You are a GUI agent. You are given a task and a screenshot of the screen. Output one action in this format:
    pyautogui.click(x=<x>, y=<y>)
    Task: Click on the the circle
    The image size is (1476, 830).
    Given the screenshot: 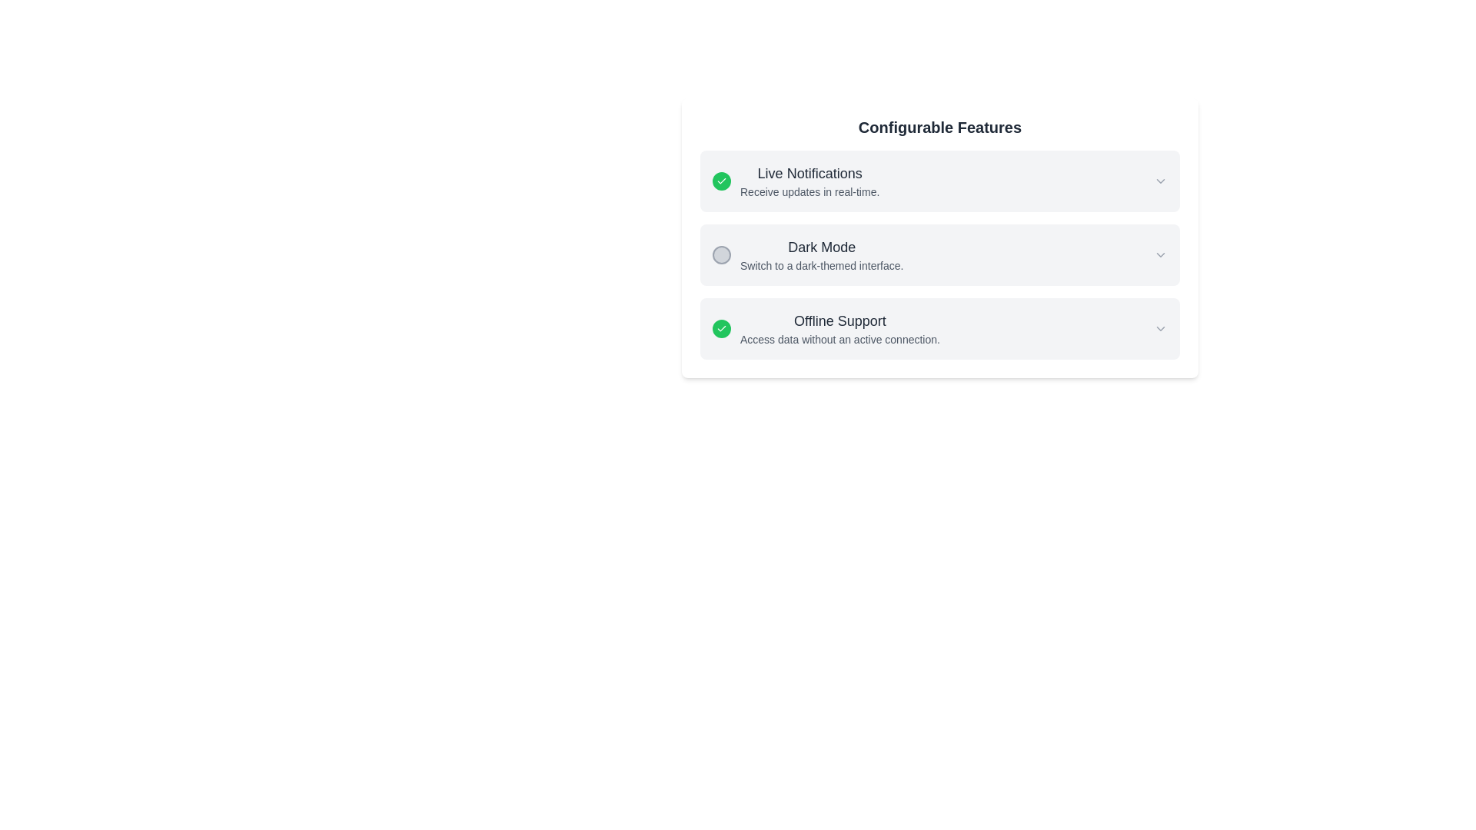 What is the action you would take?
    pyautogui.click(x=939, y=237)
    